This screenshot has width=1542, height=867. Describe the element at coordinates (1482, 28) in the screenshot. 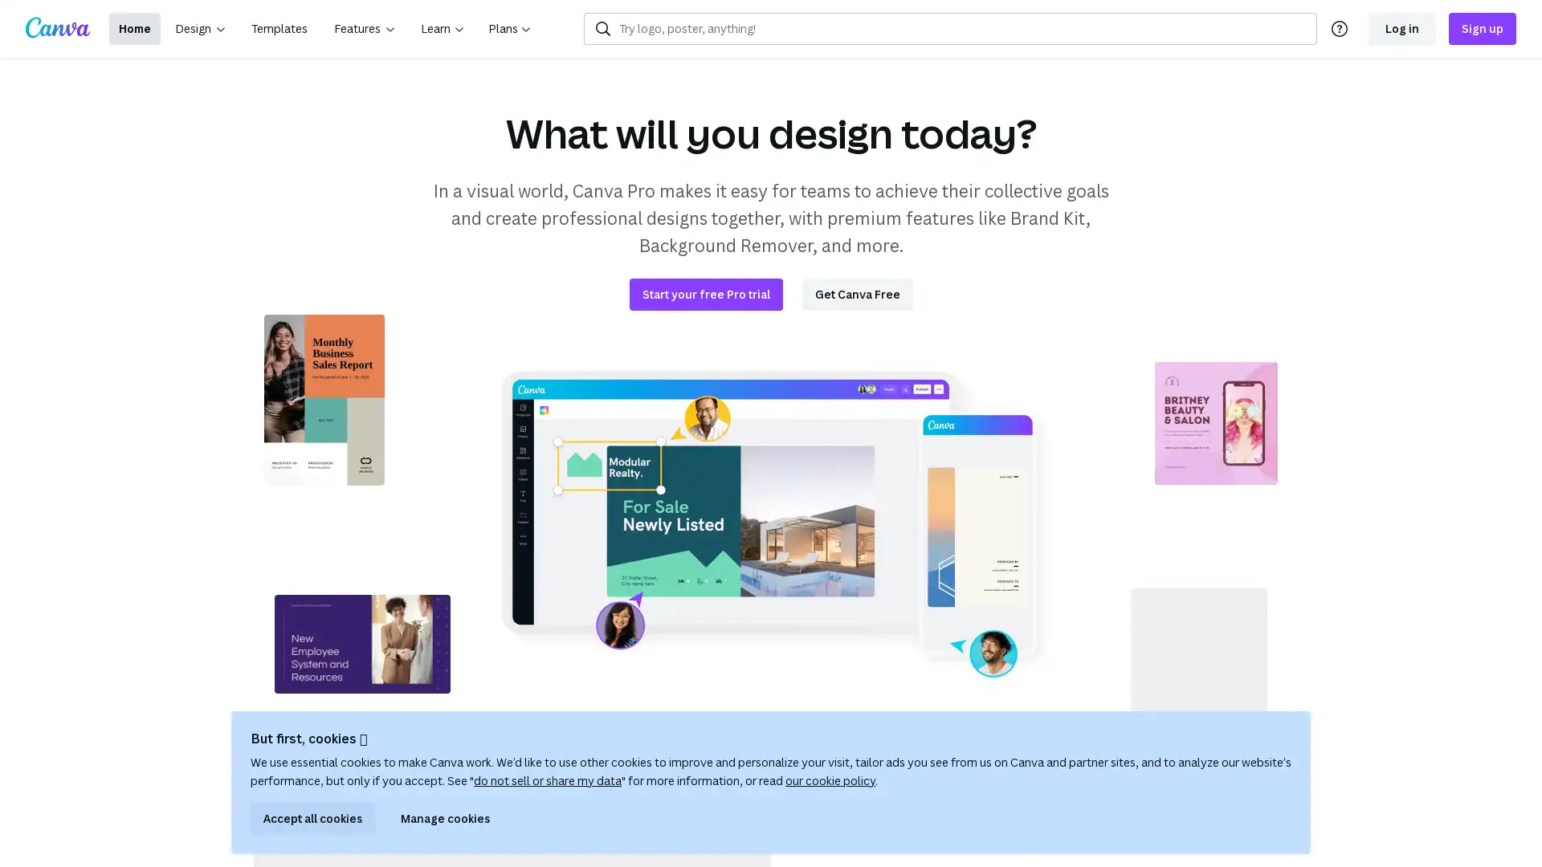

I see `Sign up` at that location.